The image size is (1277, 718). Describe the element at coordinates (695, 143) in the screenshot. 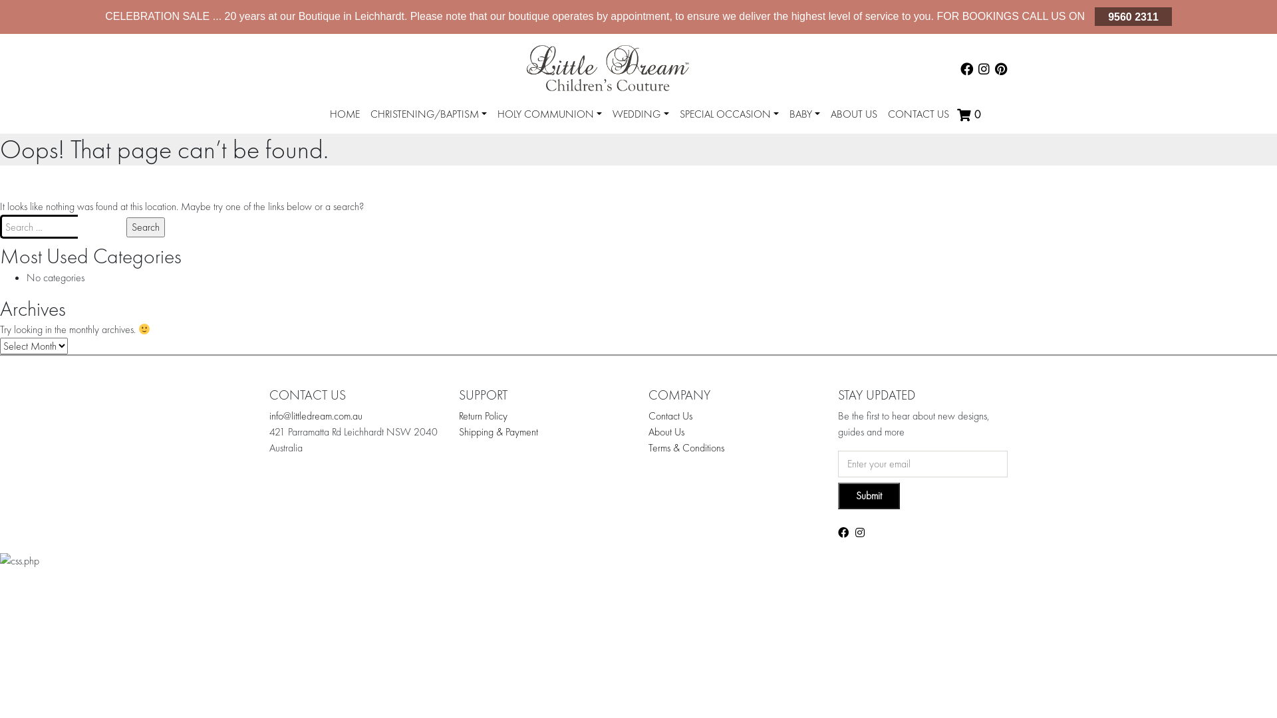

I see `'Special Occasion Girl Clothing'` at that location.